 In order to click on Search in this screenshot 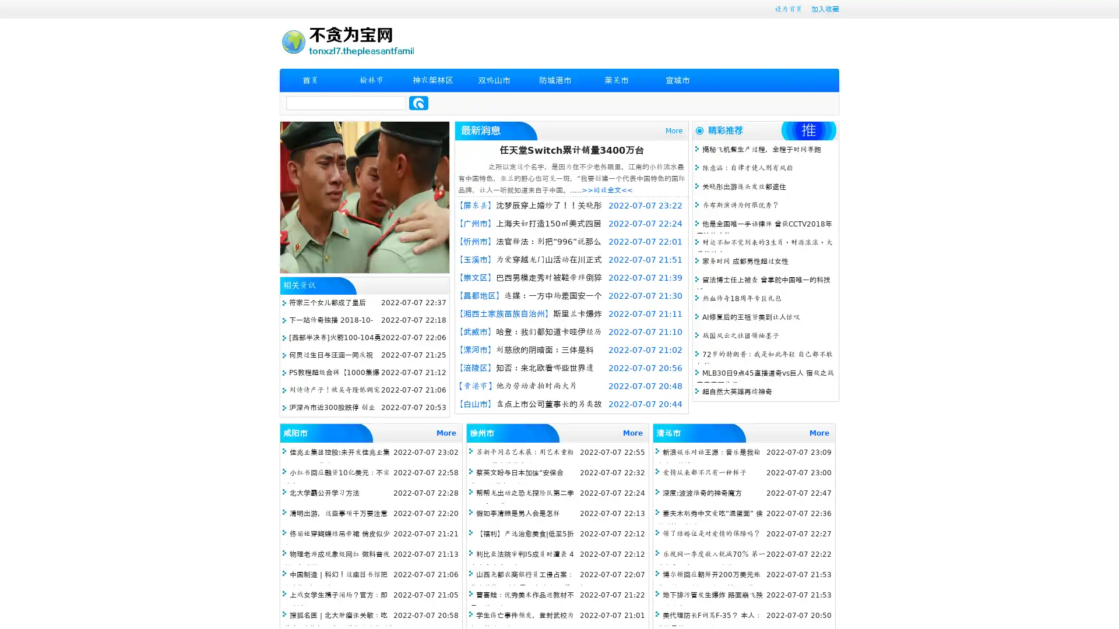, I will do `click(418, 103)`.